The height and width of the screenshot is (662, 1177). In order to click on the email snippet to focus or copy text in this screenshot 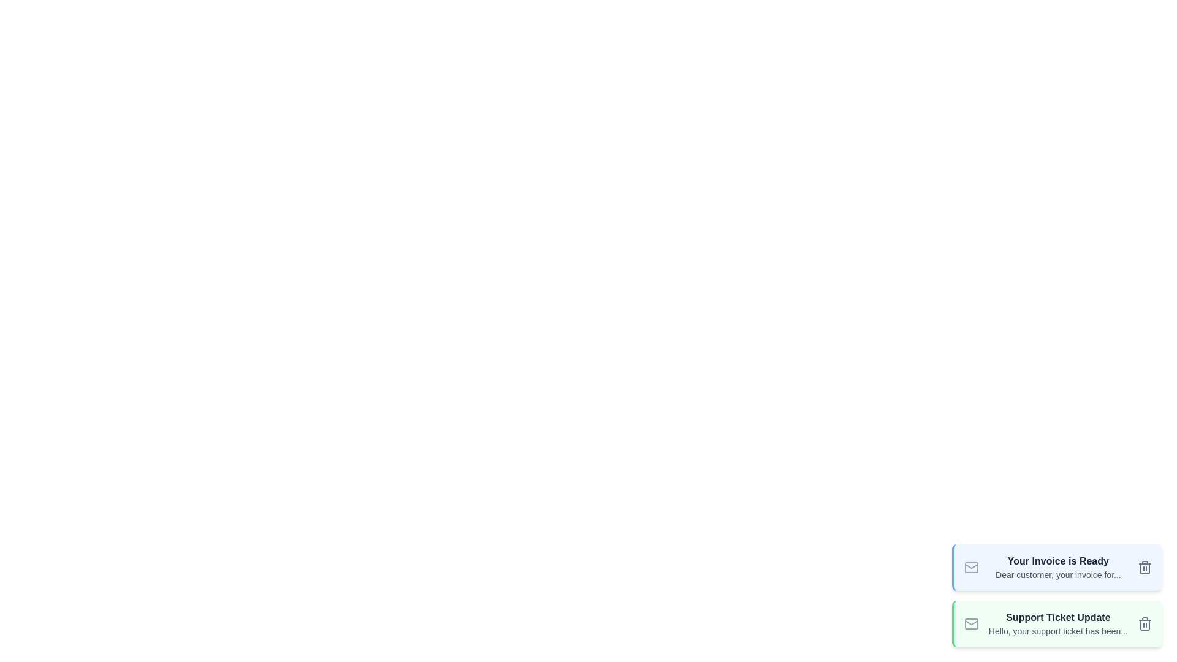, I will do `click(1057, 567)`.